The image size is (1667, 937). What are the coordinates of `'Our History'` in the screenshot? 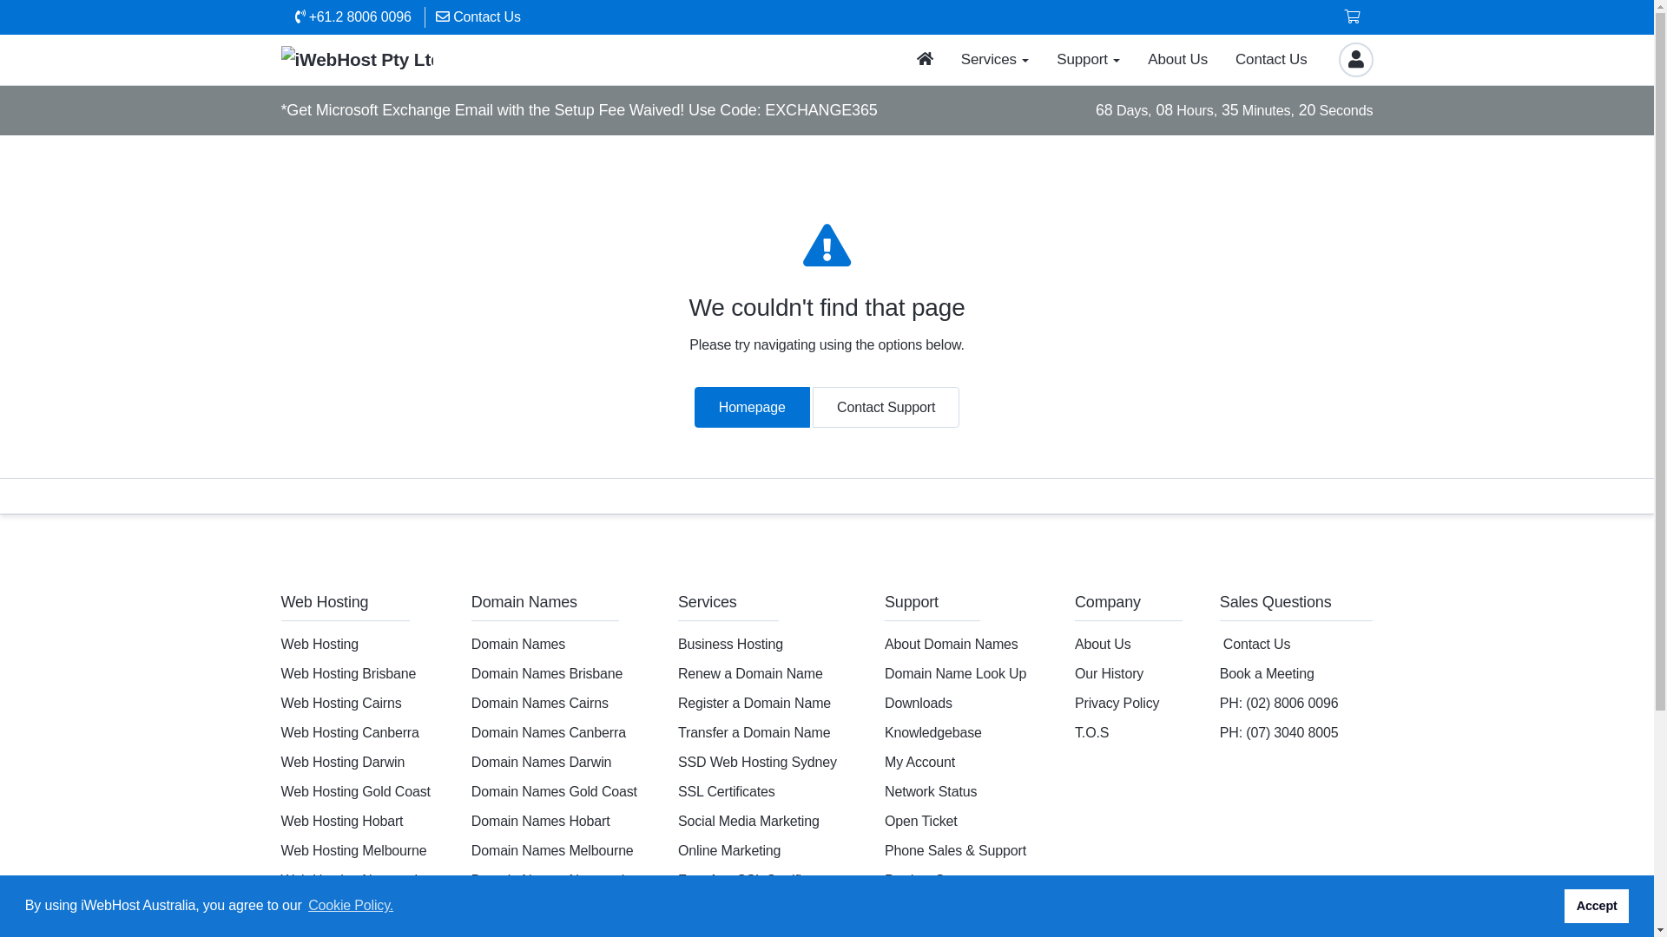 It's located at (1108, 672).